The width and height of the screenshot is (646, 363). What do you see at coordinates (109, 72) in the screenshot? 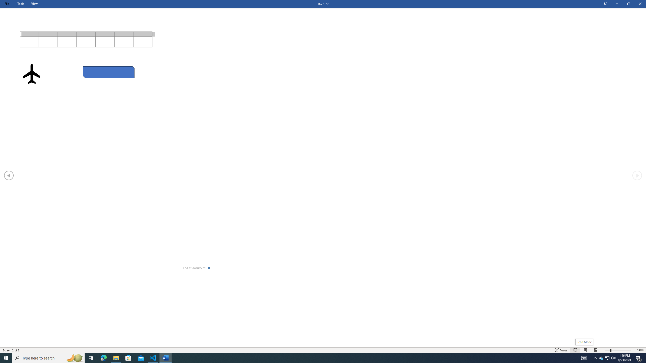
I see `'Rectangle: Diagonal Corners Snipped 2'` at bounding box center [109, 72].